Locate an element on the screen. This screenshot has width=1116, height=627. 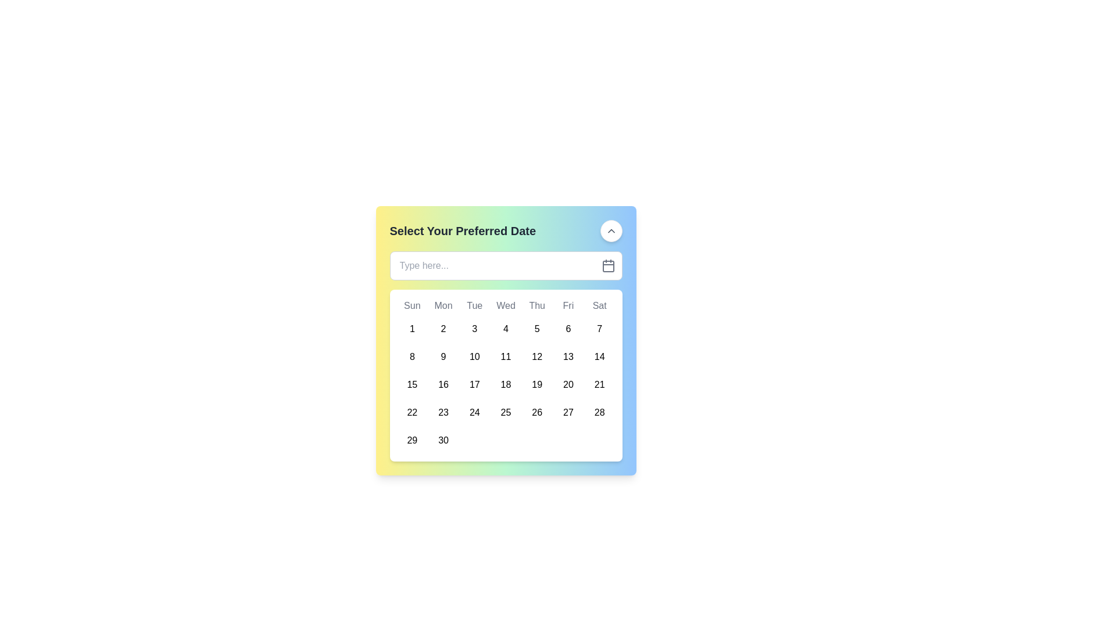
the circular button displaying the number '7' is located at coordinates (599, 329).